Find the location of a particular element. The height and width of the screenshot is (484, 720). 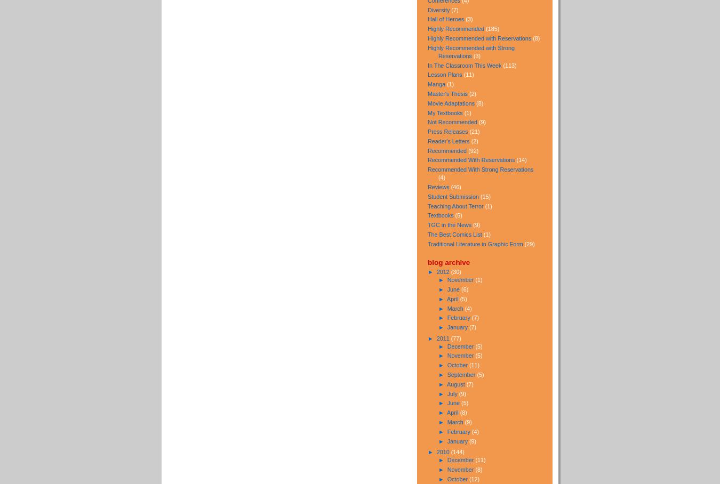

'Recommended' is located at coordinates (447, 150).